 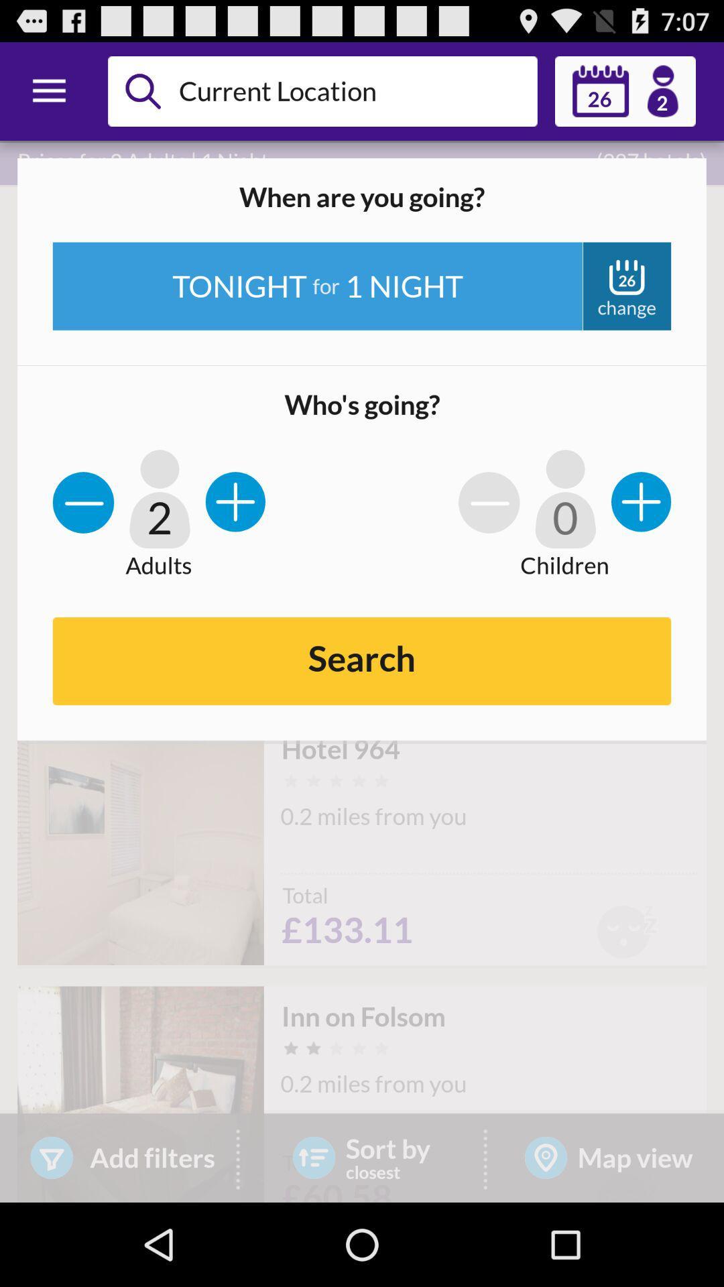 What do you see at coordinates (83, 525) in the screenshot?
I see `the minus icon` at bounding box center [83, 525].